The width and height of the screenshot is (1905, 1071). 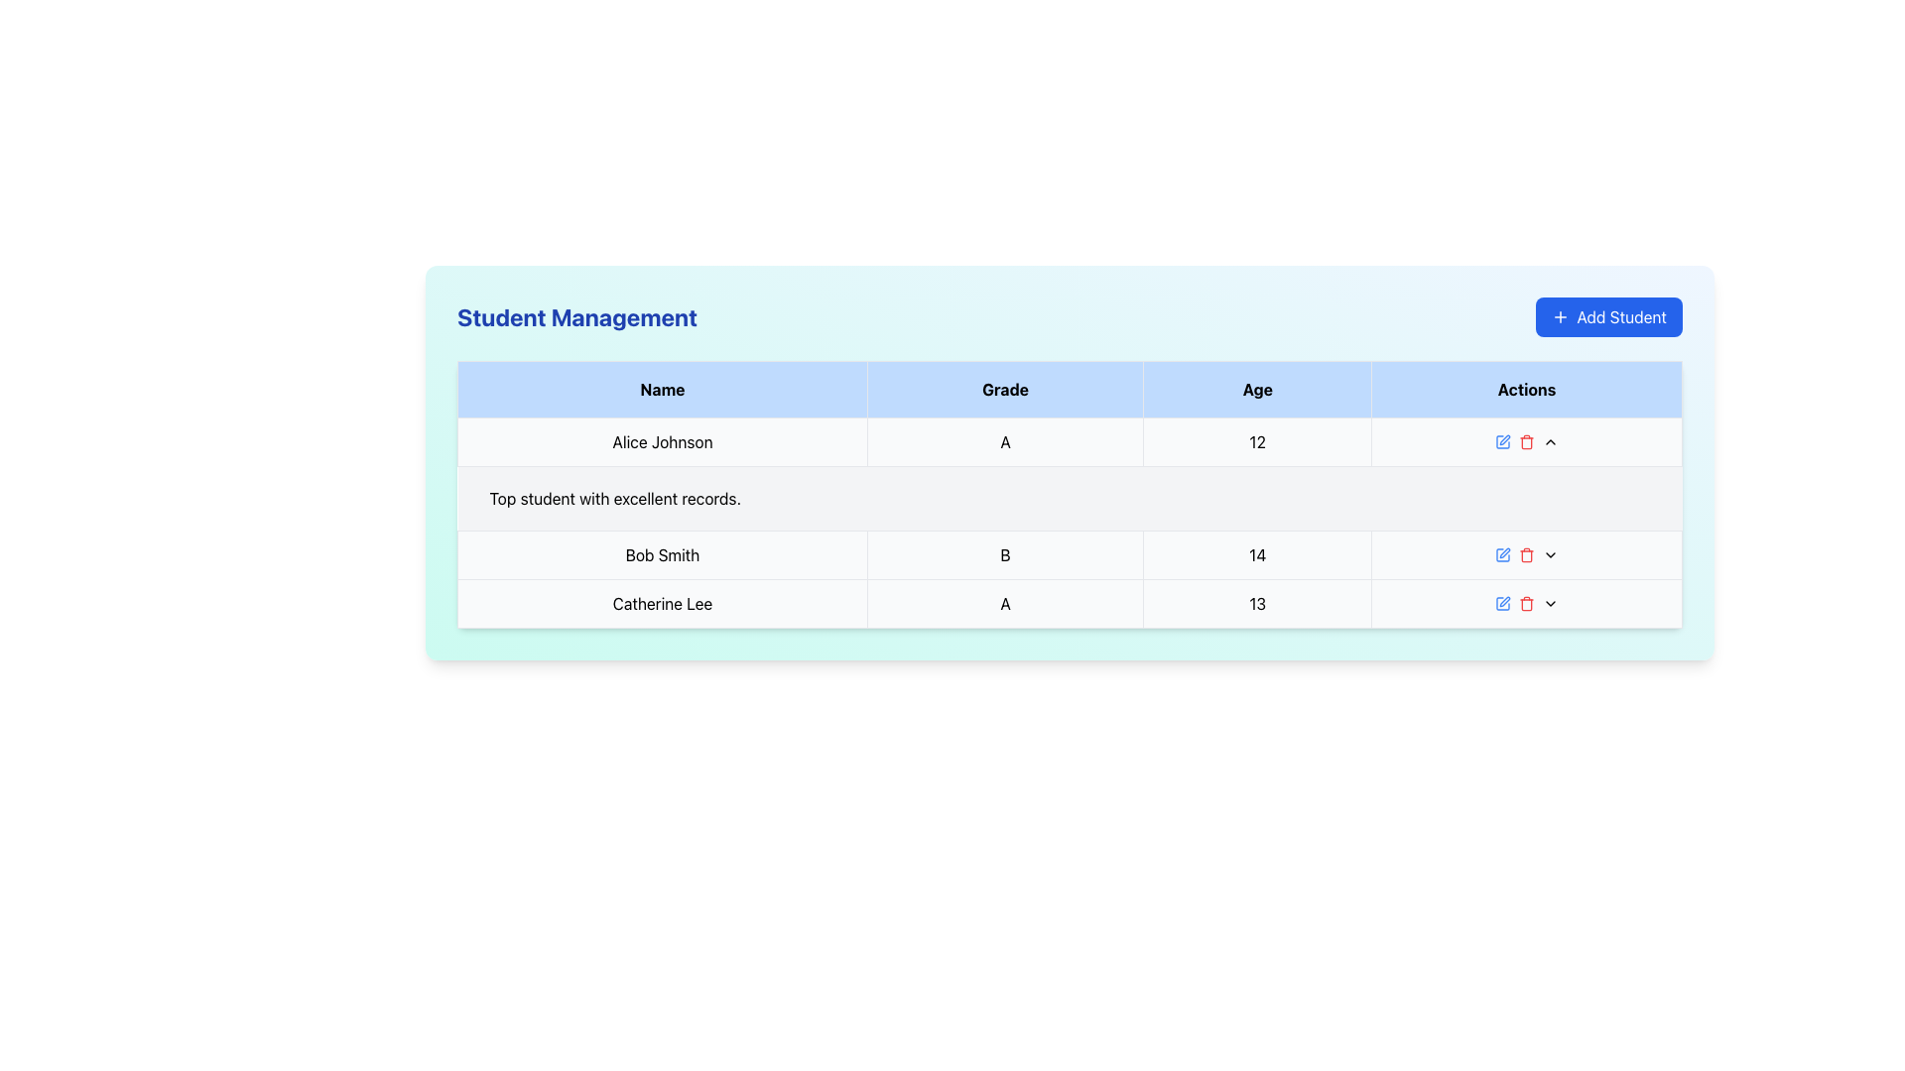 I want to click on displayed information from the table row containing the student's details for 'Bob Smith', including their grade and age, so click(x=1069, y=554).